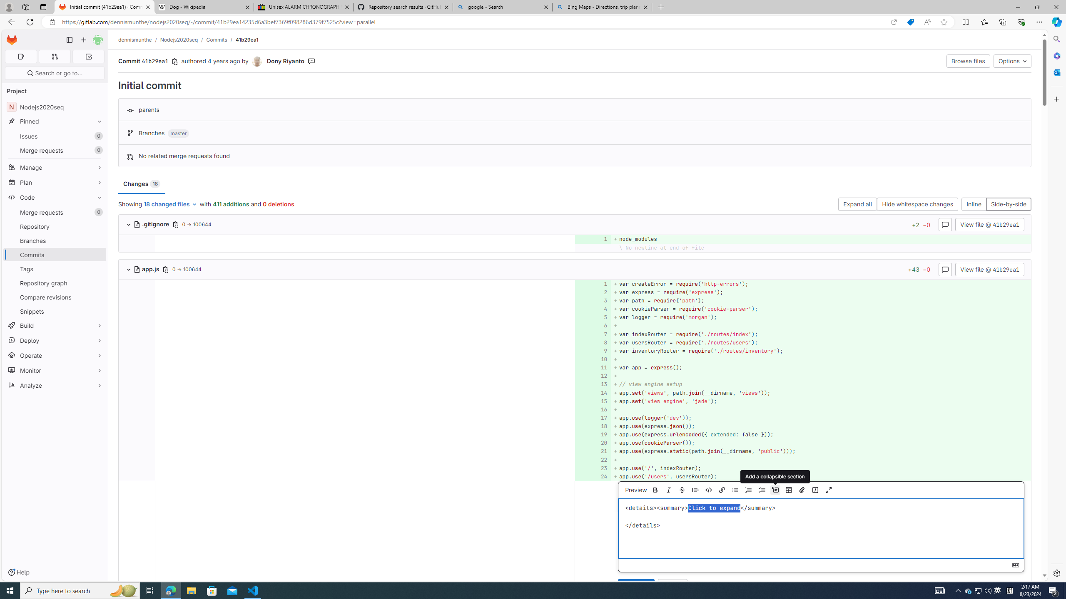  What do you see at coordinates (593, 309) in the screenshot?
I see `'Add a comment to this line 4'` at bounding box center [593, 309].